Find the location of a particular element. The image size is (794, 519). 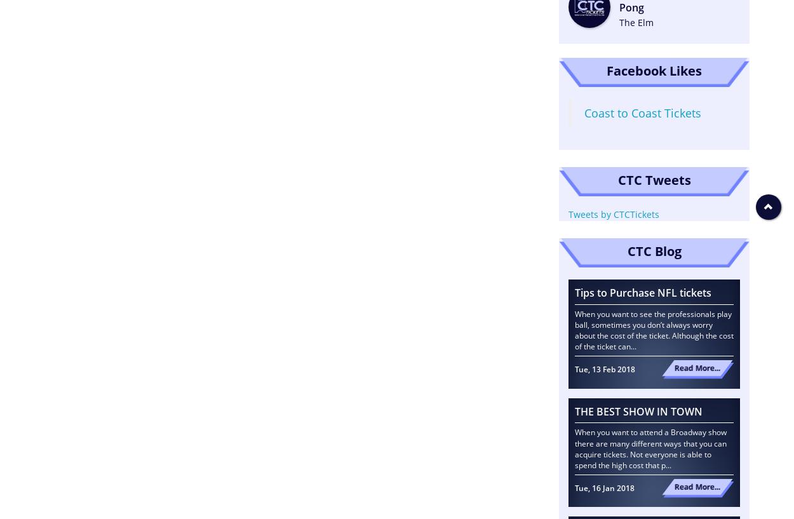

'When you want to attend a Broadway show there are many different ways that you can acquire tickets. Not everyone is able to spend the high cost that p...' is located at coordinates (650, 447).